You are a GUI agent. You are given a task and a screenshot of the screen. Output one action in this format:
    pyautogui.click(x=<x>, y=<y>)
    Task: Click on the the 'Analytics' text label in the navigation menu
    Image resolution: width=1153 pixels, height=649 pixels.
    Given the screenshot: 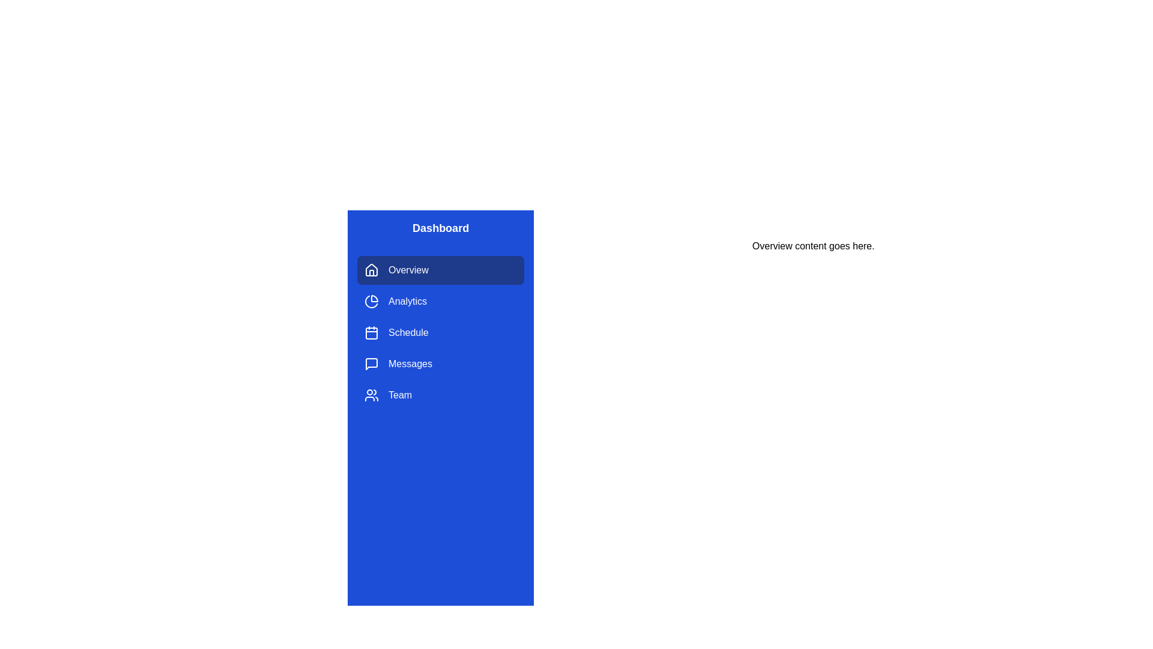 What is the action you would take?
    pyautogui.click(x=408, y=300)
    